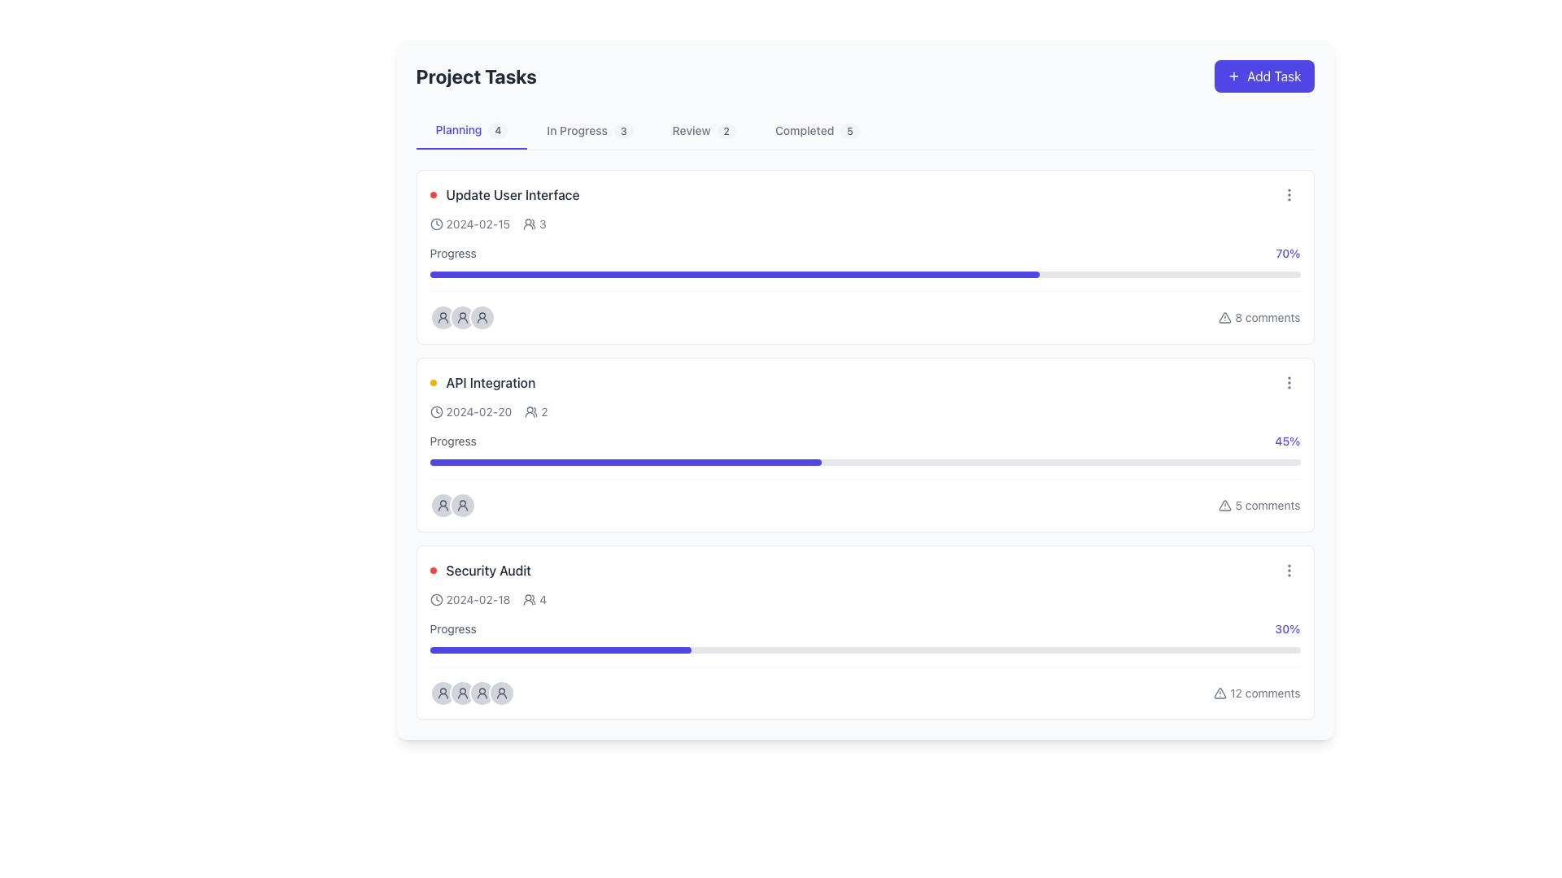  What do you see at coordinates (1225, 317) in the screenshot?
I see `the warning icon located in the comment section of the task card, which indicates a comment count that may require attention` at bounding box center [1225, 317].